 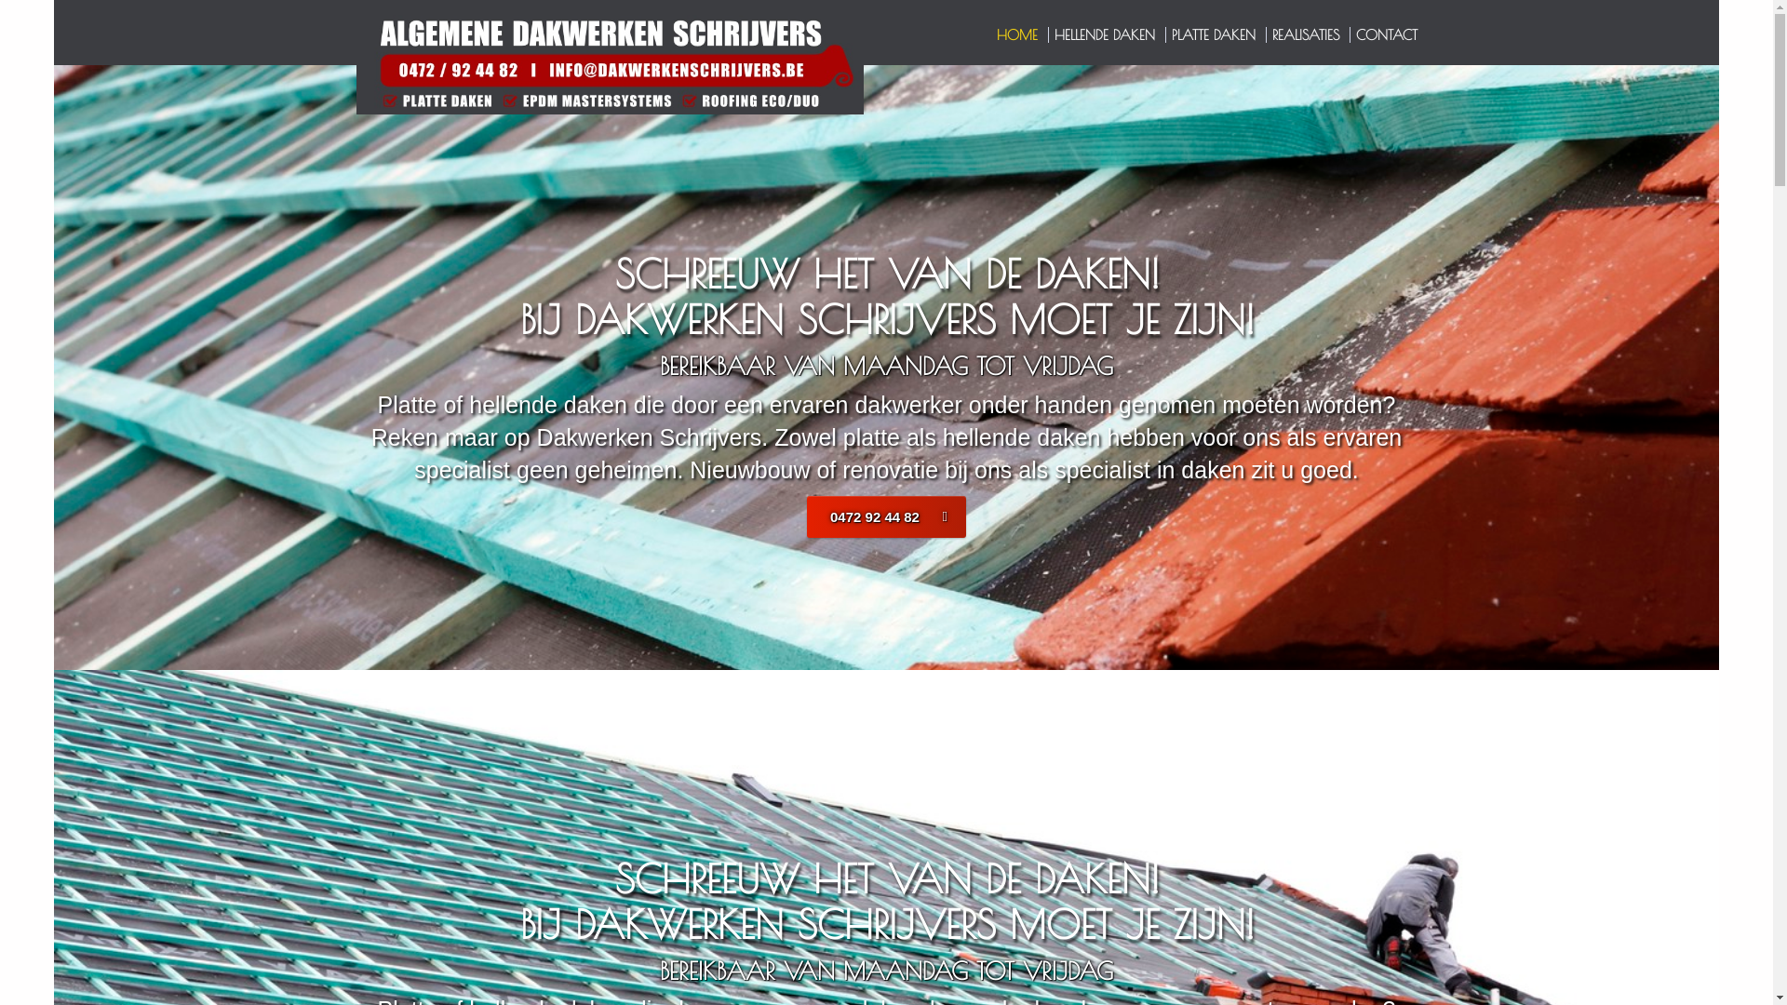 What do you see at coordinates (1017, 34) in the screenshot?
I see `'HOME'` at bounding box center [1017, 34].